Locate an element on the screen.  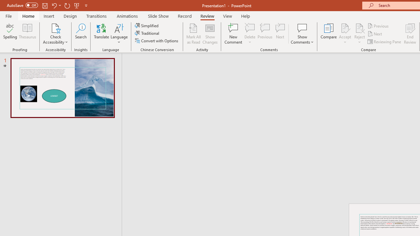
'Delete' is located at coordinates (250, 34).